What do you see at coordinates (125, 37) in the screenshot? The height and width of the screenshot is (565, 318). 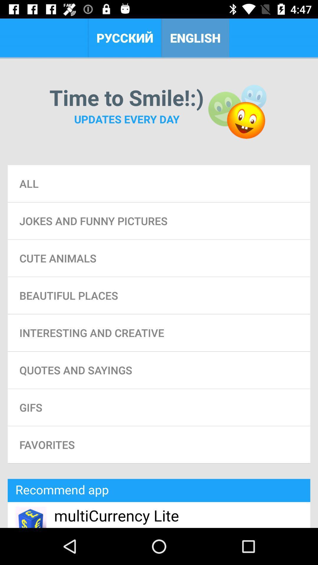 I see `icon next to the english item` at bounding box center [125, 37].